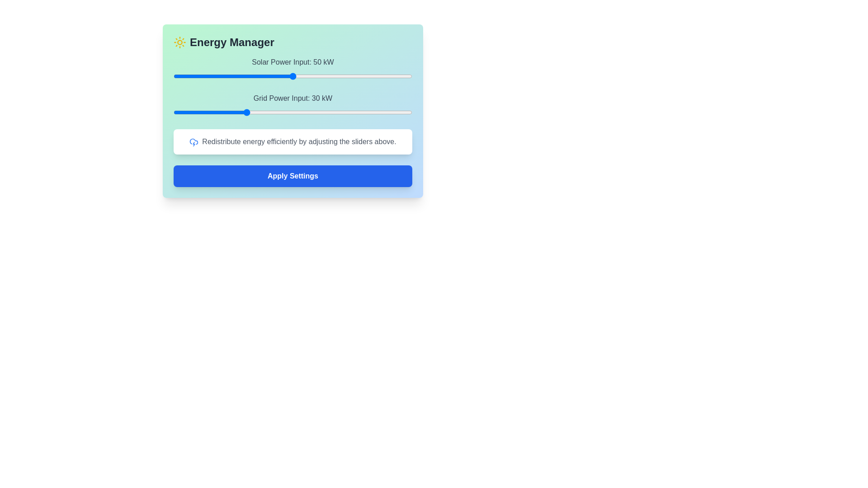 The image size is (868, 488). Describe the element at coordinates (324, 112) in the screenshot. I see `the Grid Power Input slider to 63 kW` at that location.